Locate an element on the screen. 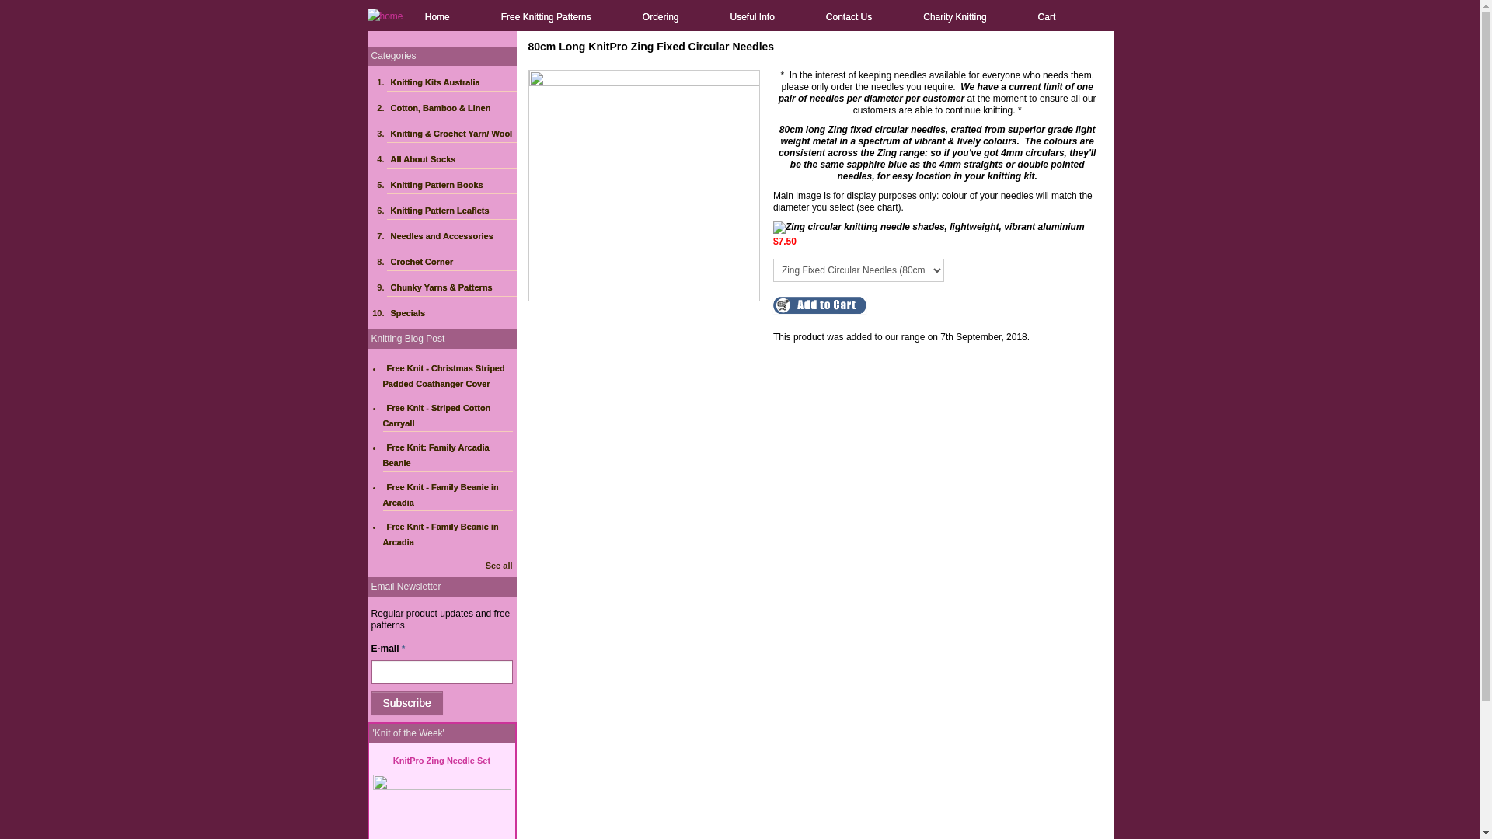  'Free Knit - Striped Cotton Carryall' is located at coordinates (435, 415).